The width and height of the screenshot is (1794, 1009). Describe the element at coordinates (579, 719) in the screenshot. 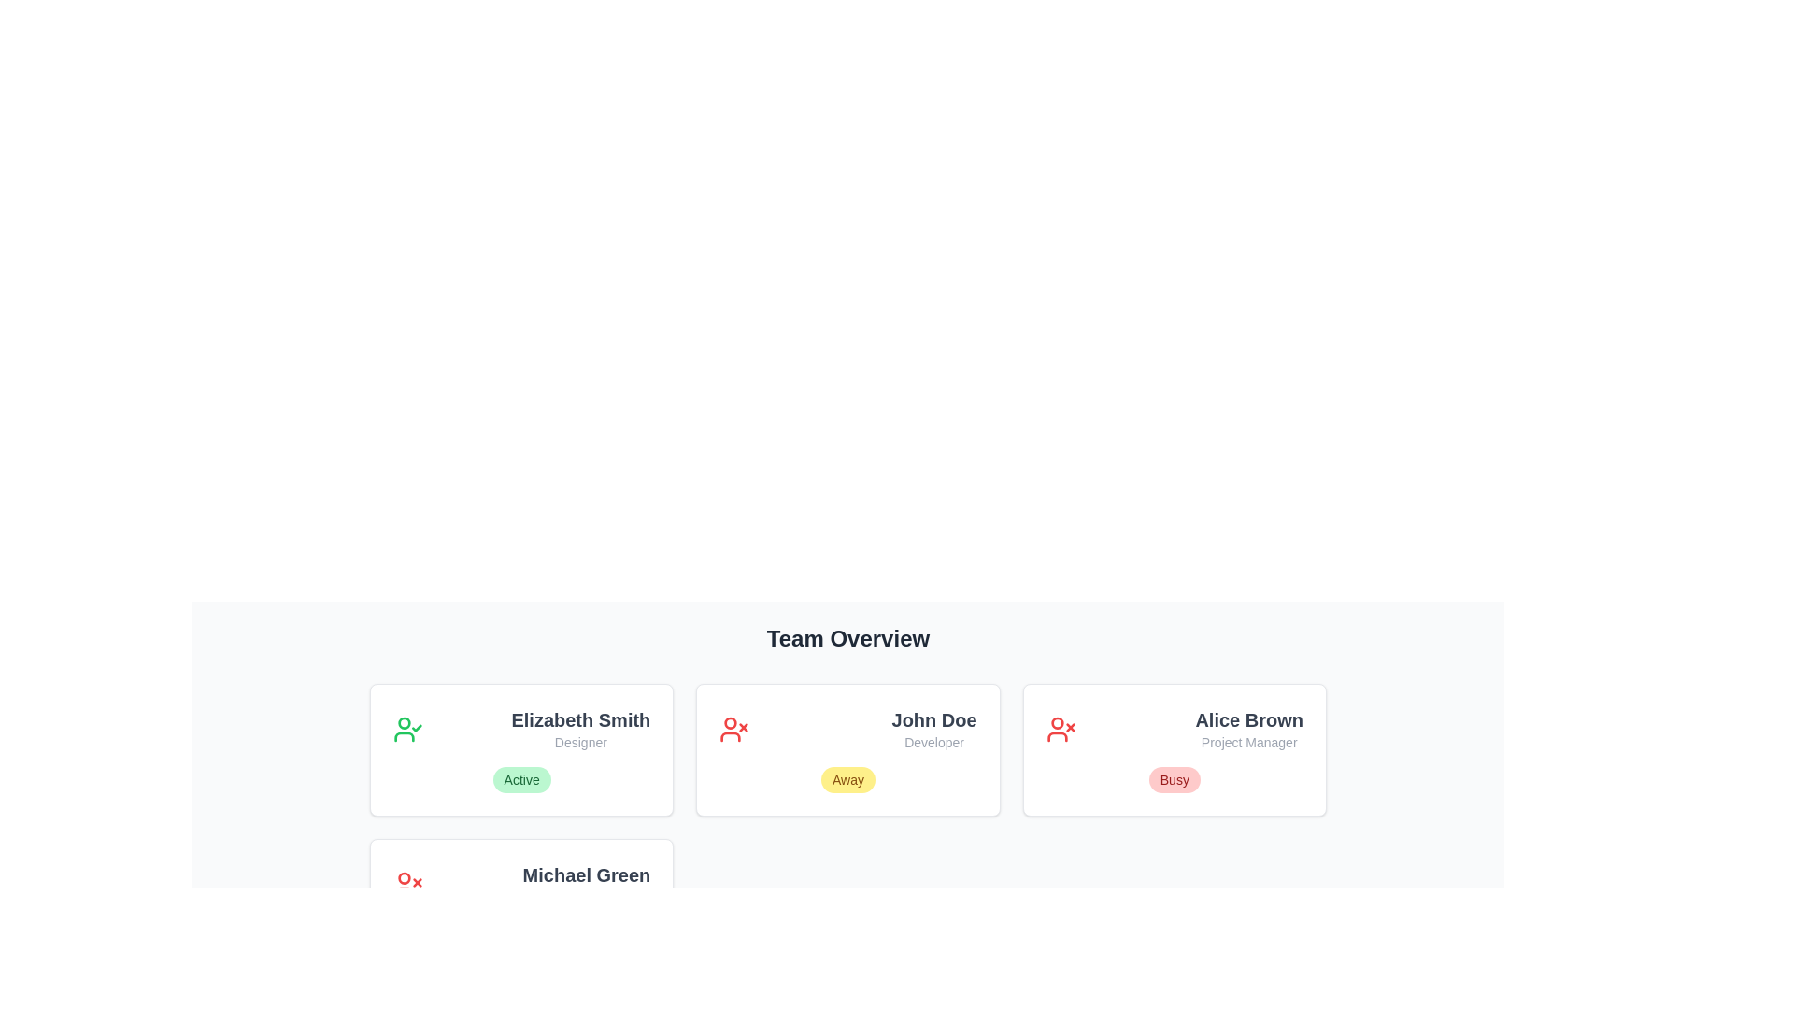

I see `the text label that identifies the name of an individual associated with the card's content, located in the top-left section of a row of similar cards, above the 'Designer' text` at that location.